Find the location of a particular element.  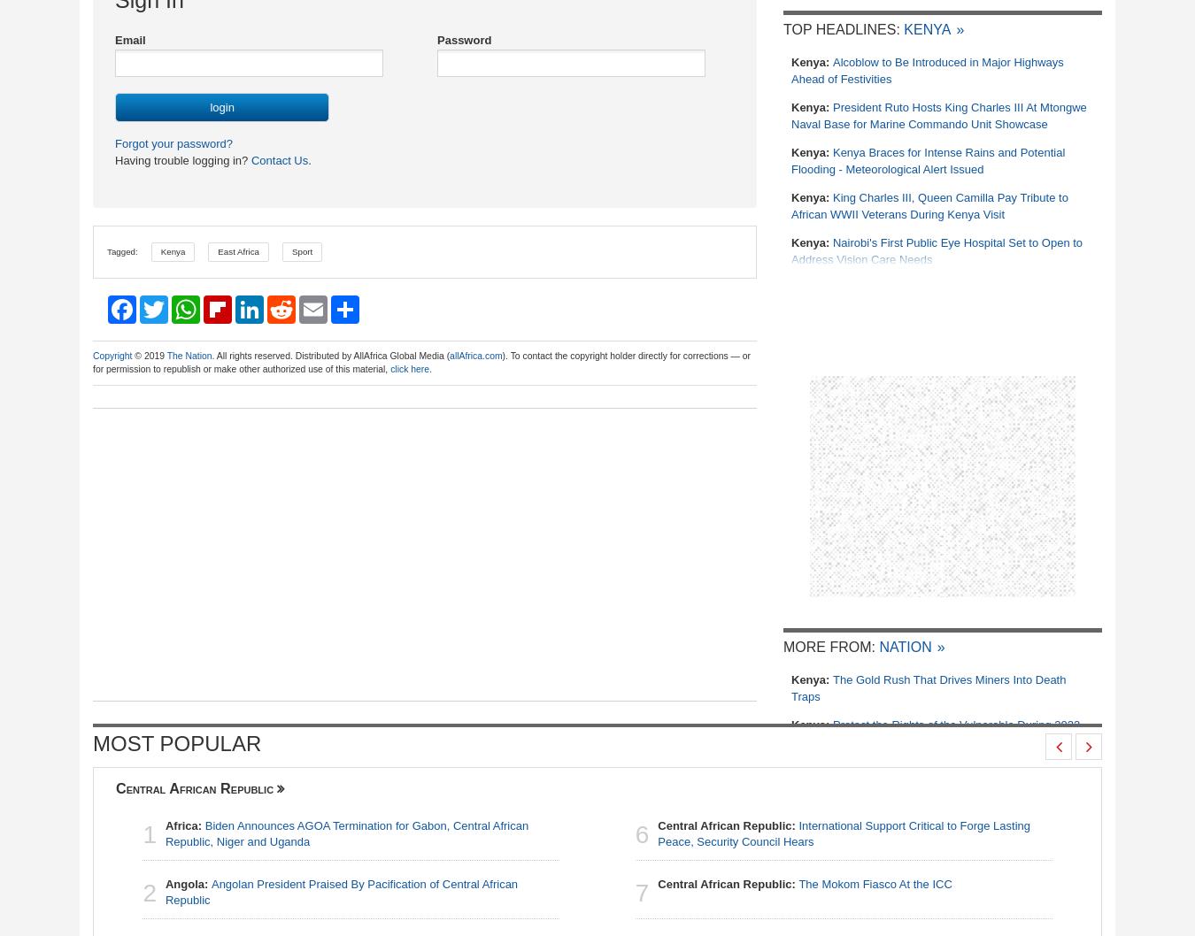

'More From:' is located at coordinates (830, 647).